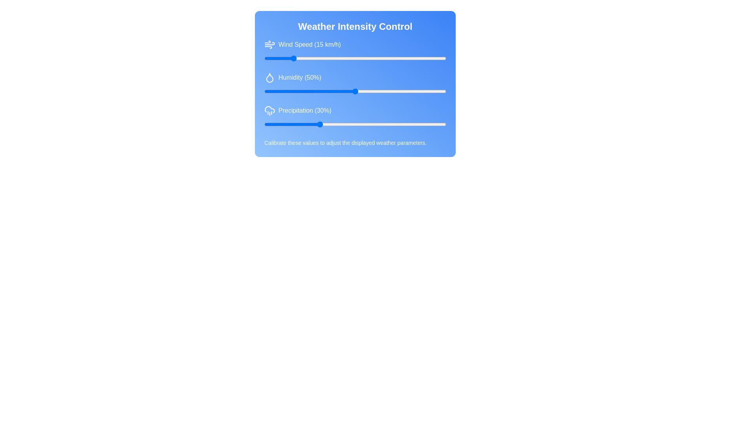  I want to click on precipitation intensity, so click(382, 124).